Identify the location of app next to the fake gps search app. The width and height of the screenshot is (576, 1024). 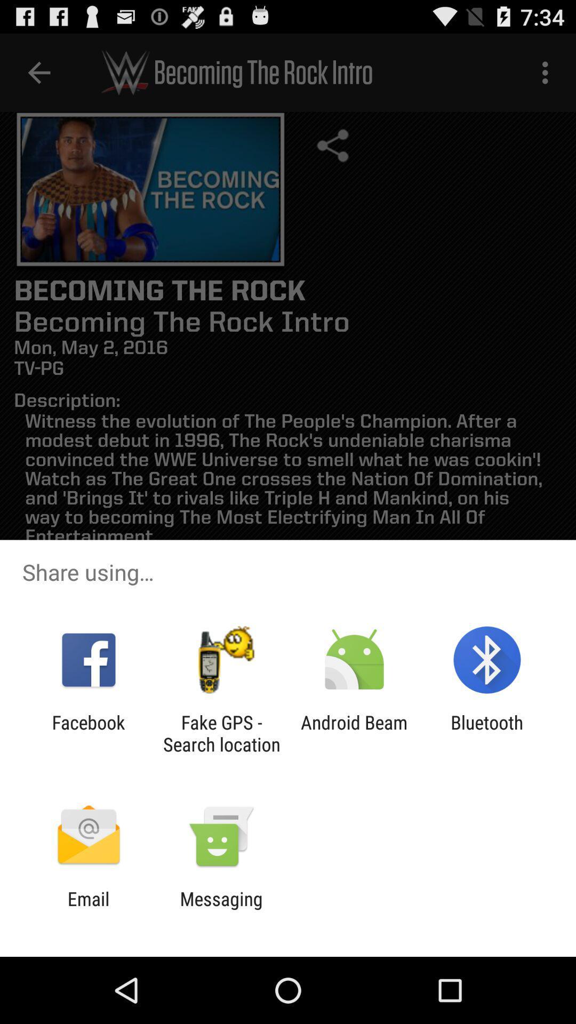
(88, 733).